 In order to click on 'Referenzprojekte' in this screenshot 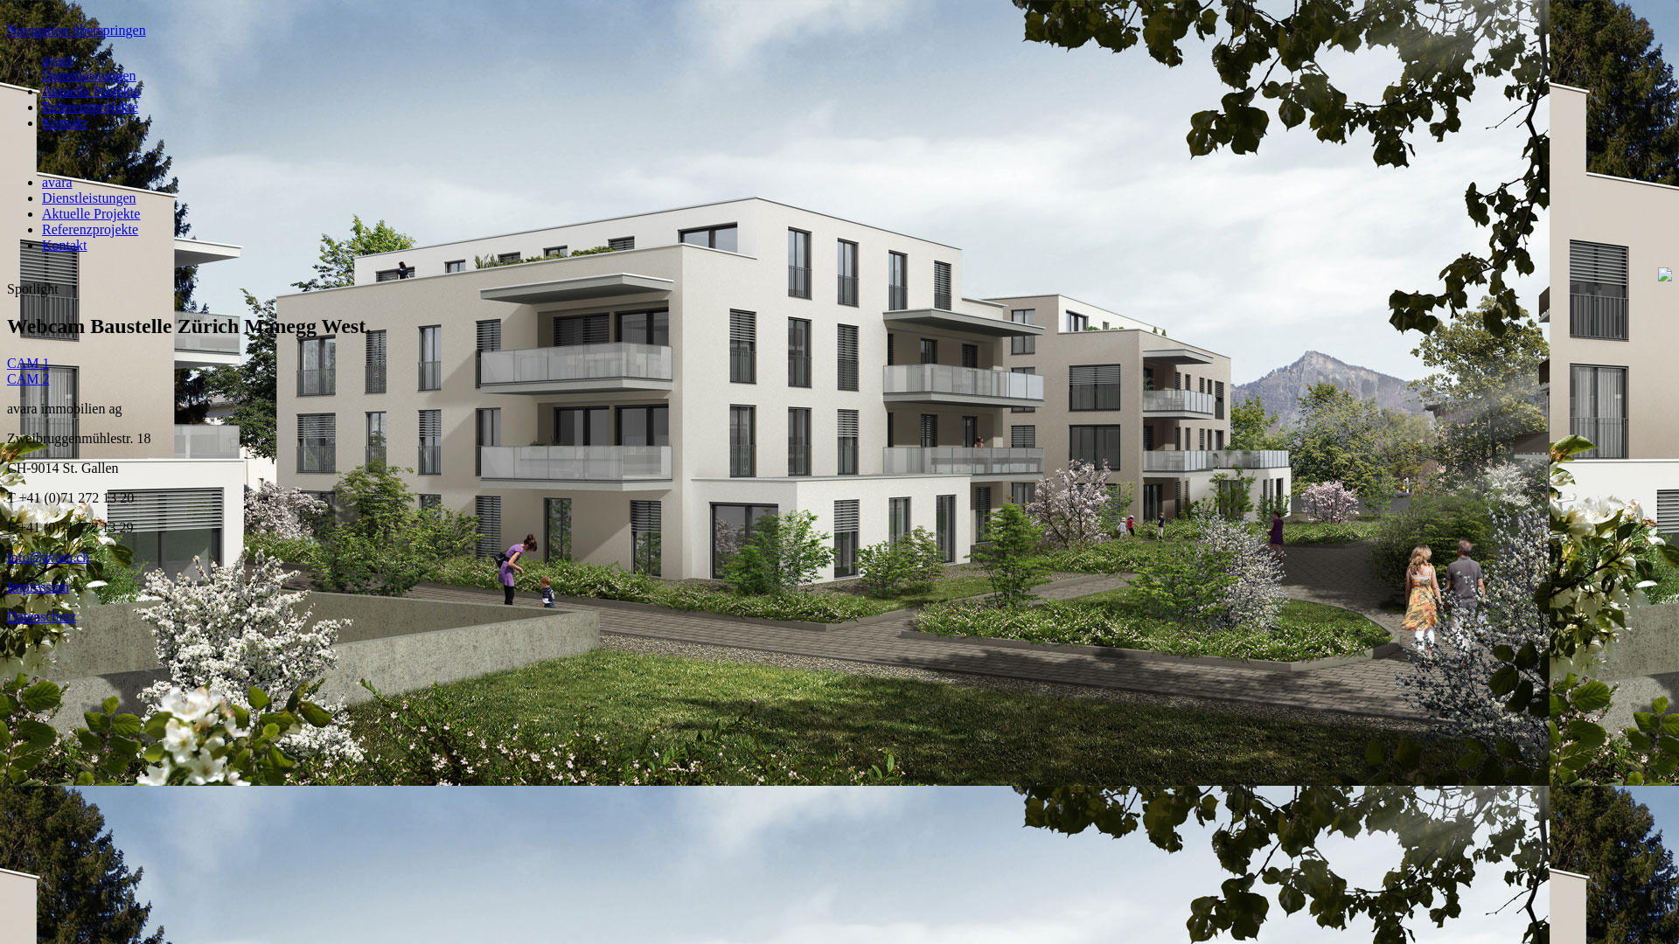, I will do `click(88, 228)`.